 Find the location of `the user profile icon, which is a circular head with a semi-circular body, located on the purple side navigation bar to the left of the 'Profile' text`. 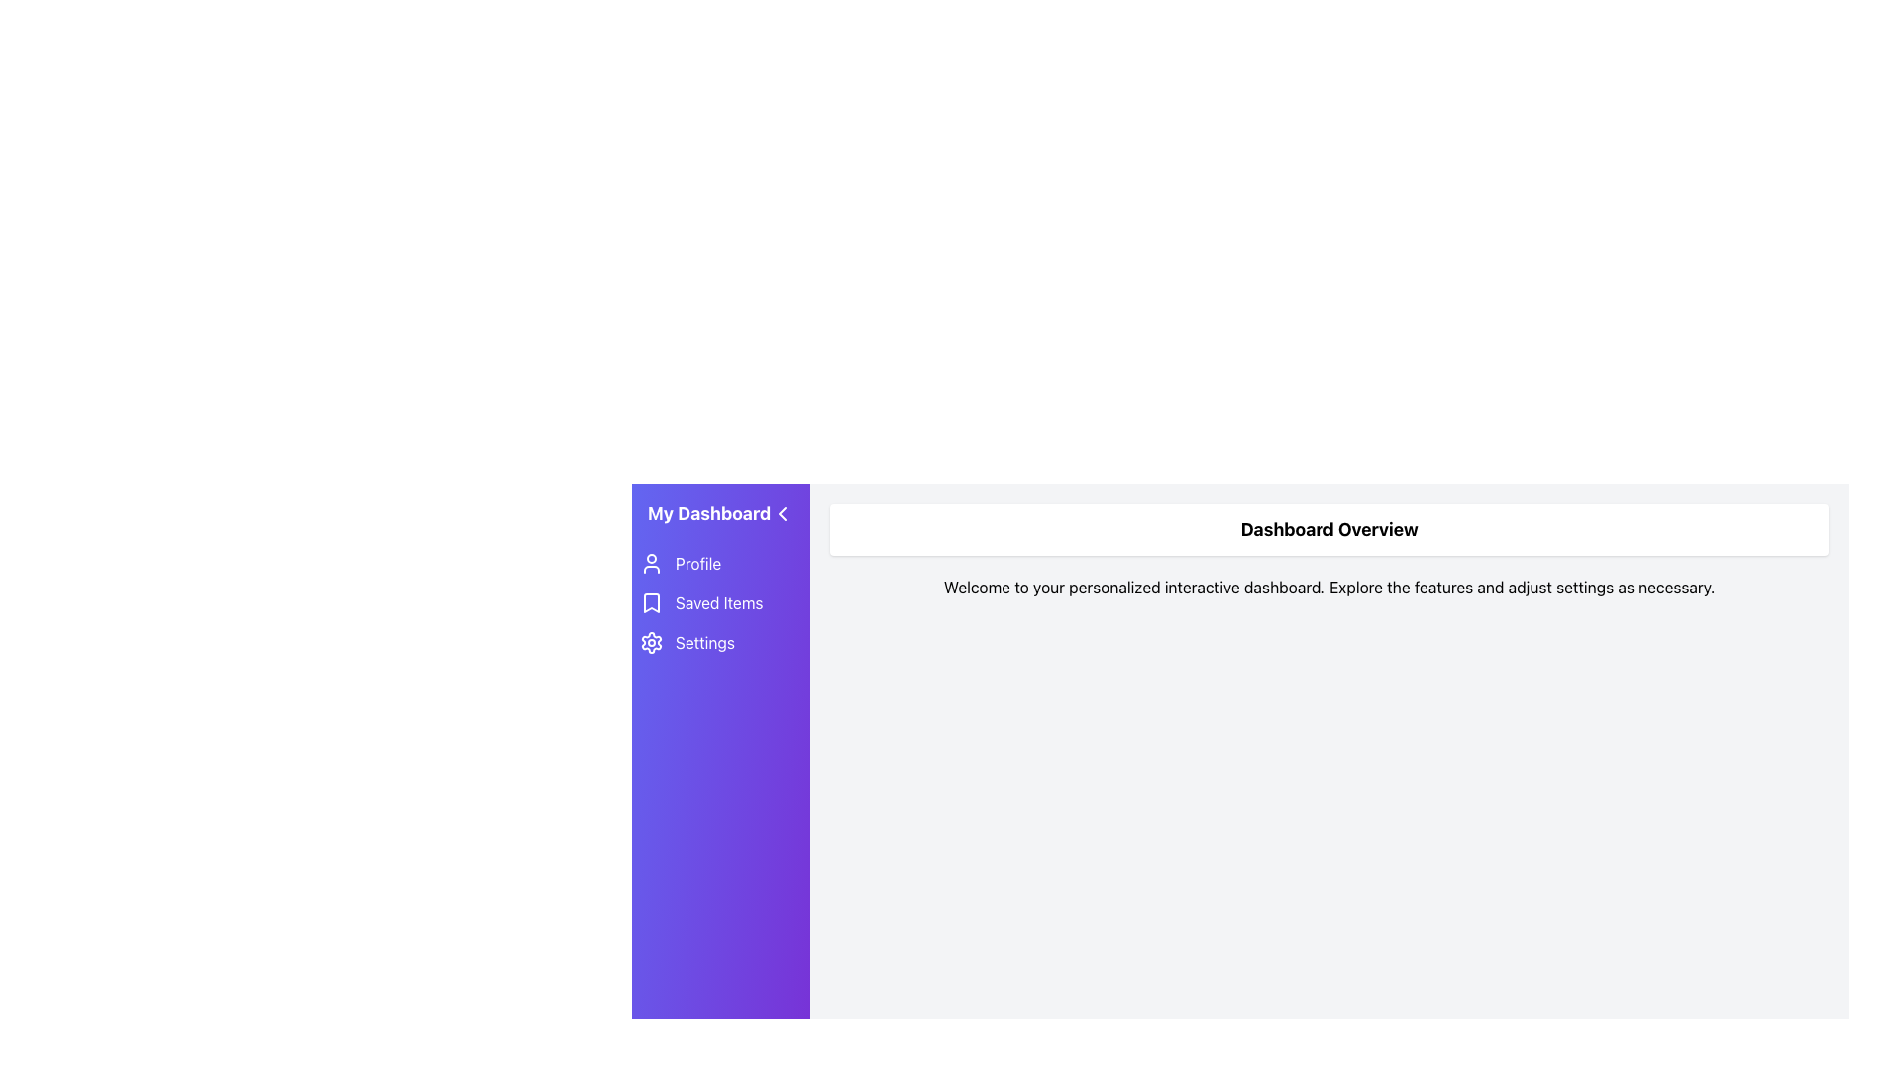

the user profile icon, which is a circular head with a semi-circular body, located on the purple side navigation bar to the left of the 'Profile' text is located at coordinates (651, 564).